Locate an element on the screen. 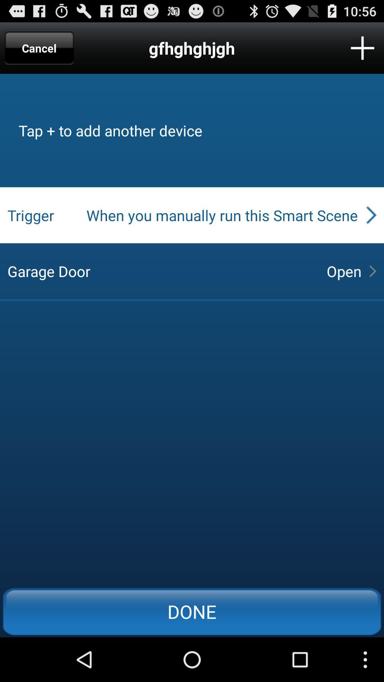  the cancel button is located at coordinates (39, 48).